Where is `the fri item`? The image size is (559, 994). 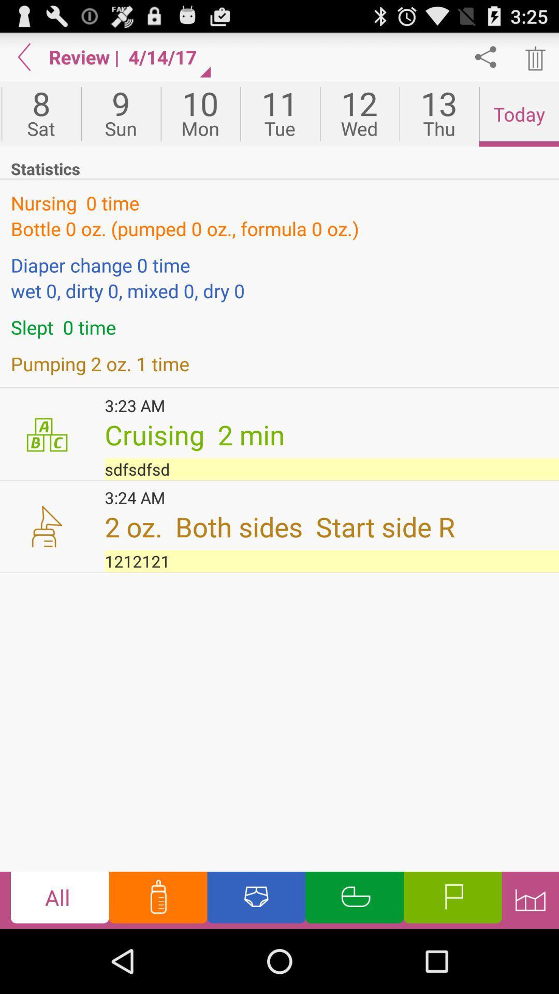 the fri item is located at coordinates (1, 114).